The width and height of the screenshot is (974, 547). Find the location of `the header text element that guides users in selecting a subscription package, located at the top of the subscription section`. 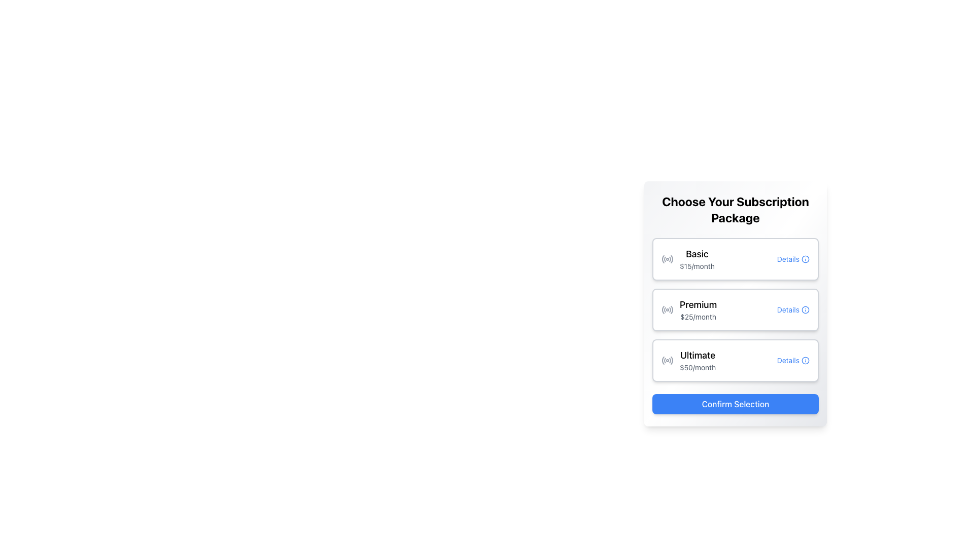

the header text element that guides users in selecting a subscription package, located at the top of the subscription section is located at coordinates (735, 209).